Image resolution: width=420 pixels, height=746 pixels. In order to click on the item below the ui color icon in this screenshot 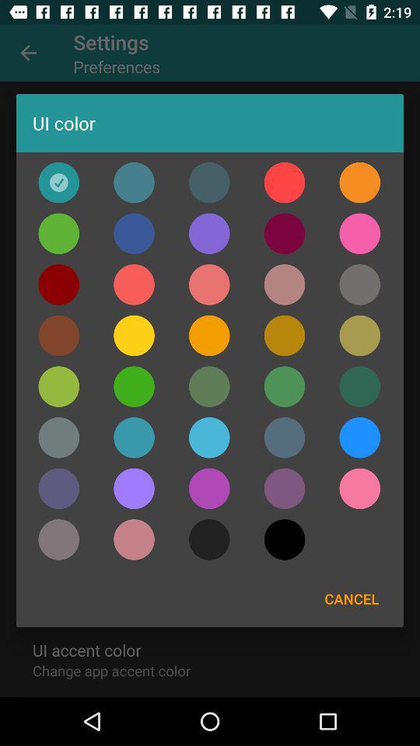, I will do `click(284, 183)`.